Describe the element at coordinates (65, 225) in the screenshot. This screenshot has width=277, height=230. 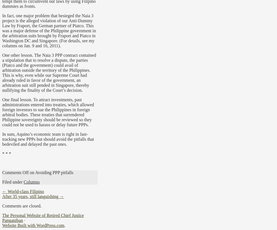
I see `'.'` at that location.